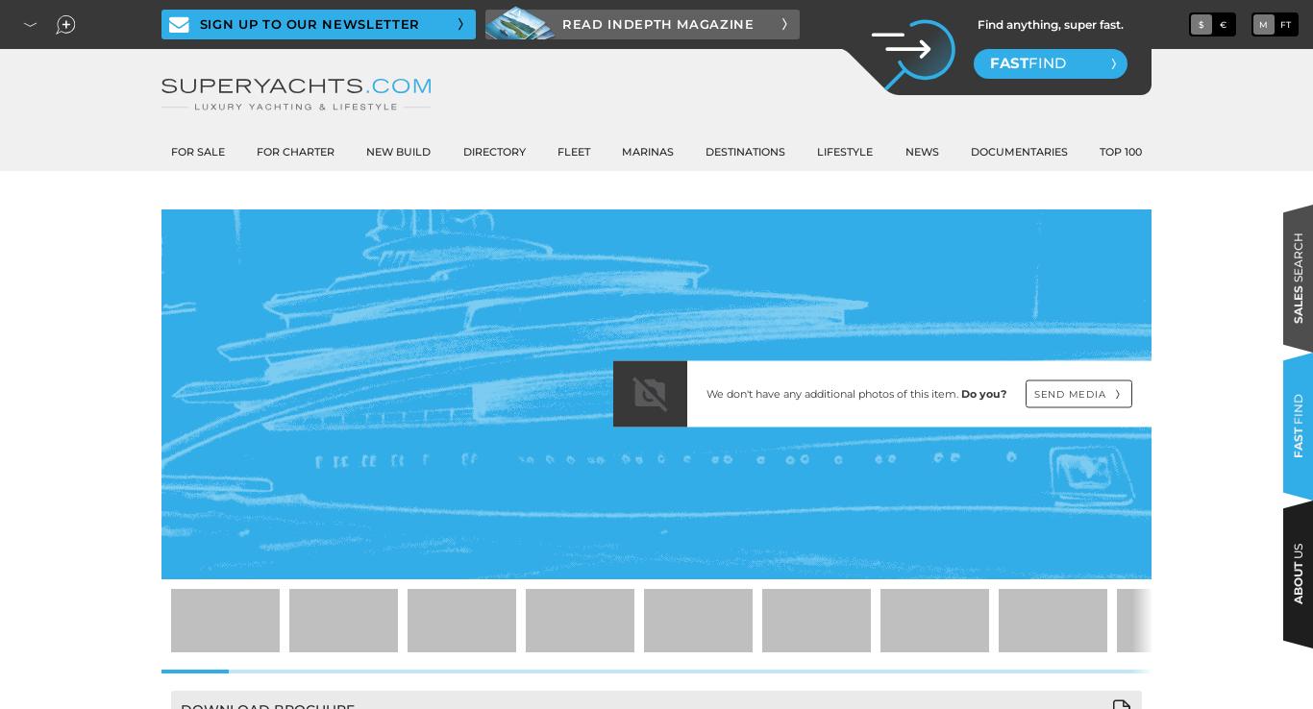 The width and height of the screenshot is (1313, 709). What do you see at coordinates (844, 151) in the screenshot?
I see `'Lifestyle'` at bounding box center [844, 151].